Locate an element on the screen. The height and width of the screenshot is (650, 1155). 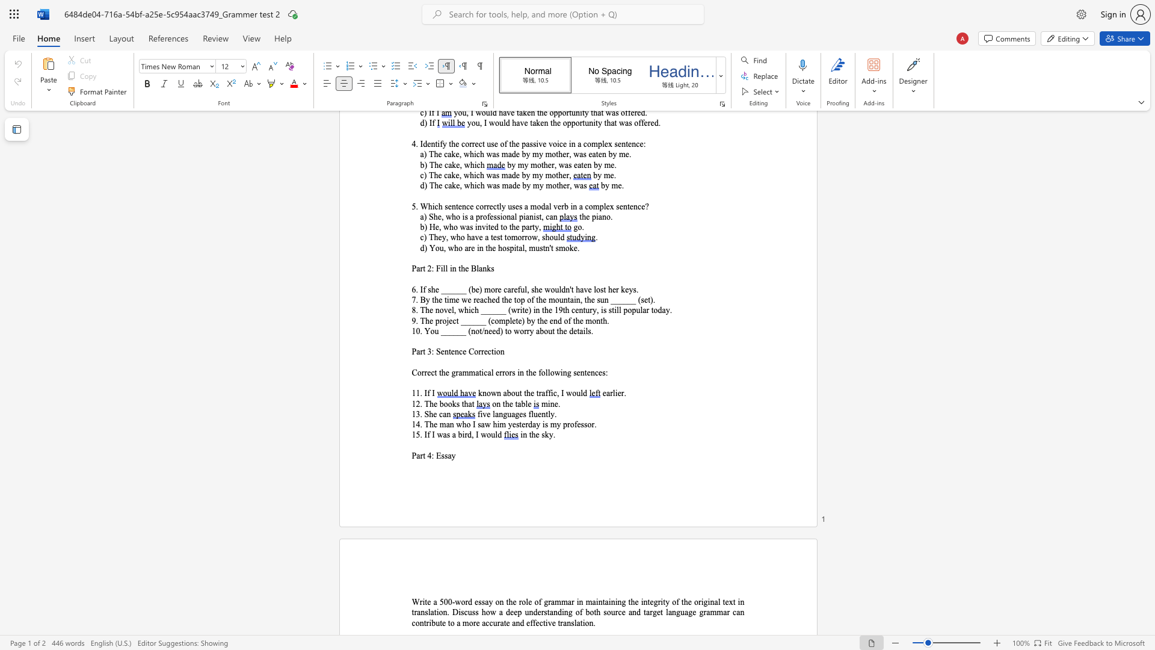
the subset text "Part 4: Essay" within the text "Part 4: Essay" is located at coordinates (411, 456).